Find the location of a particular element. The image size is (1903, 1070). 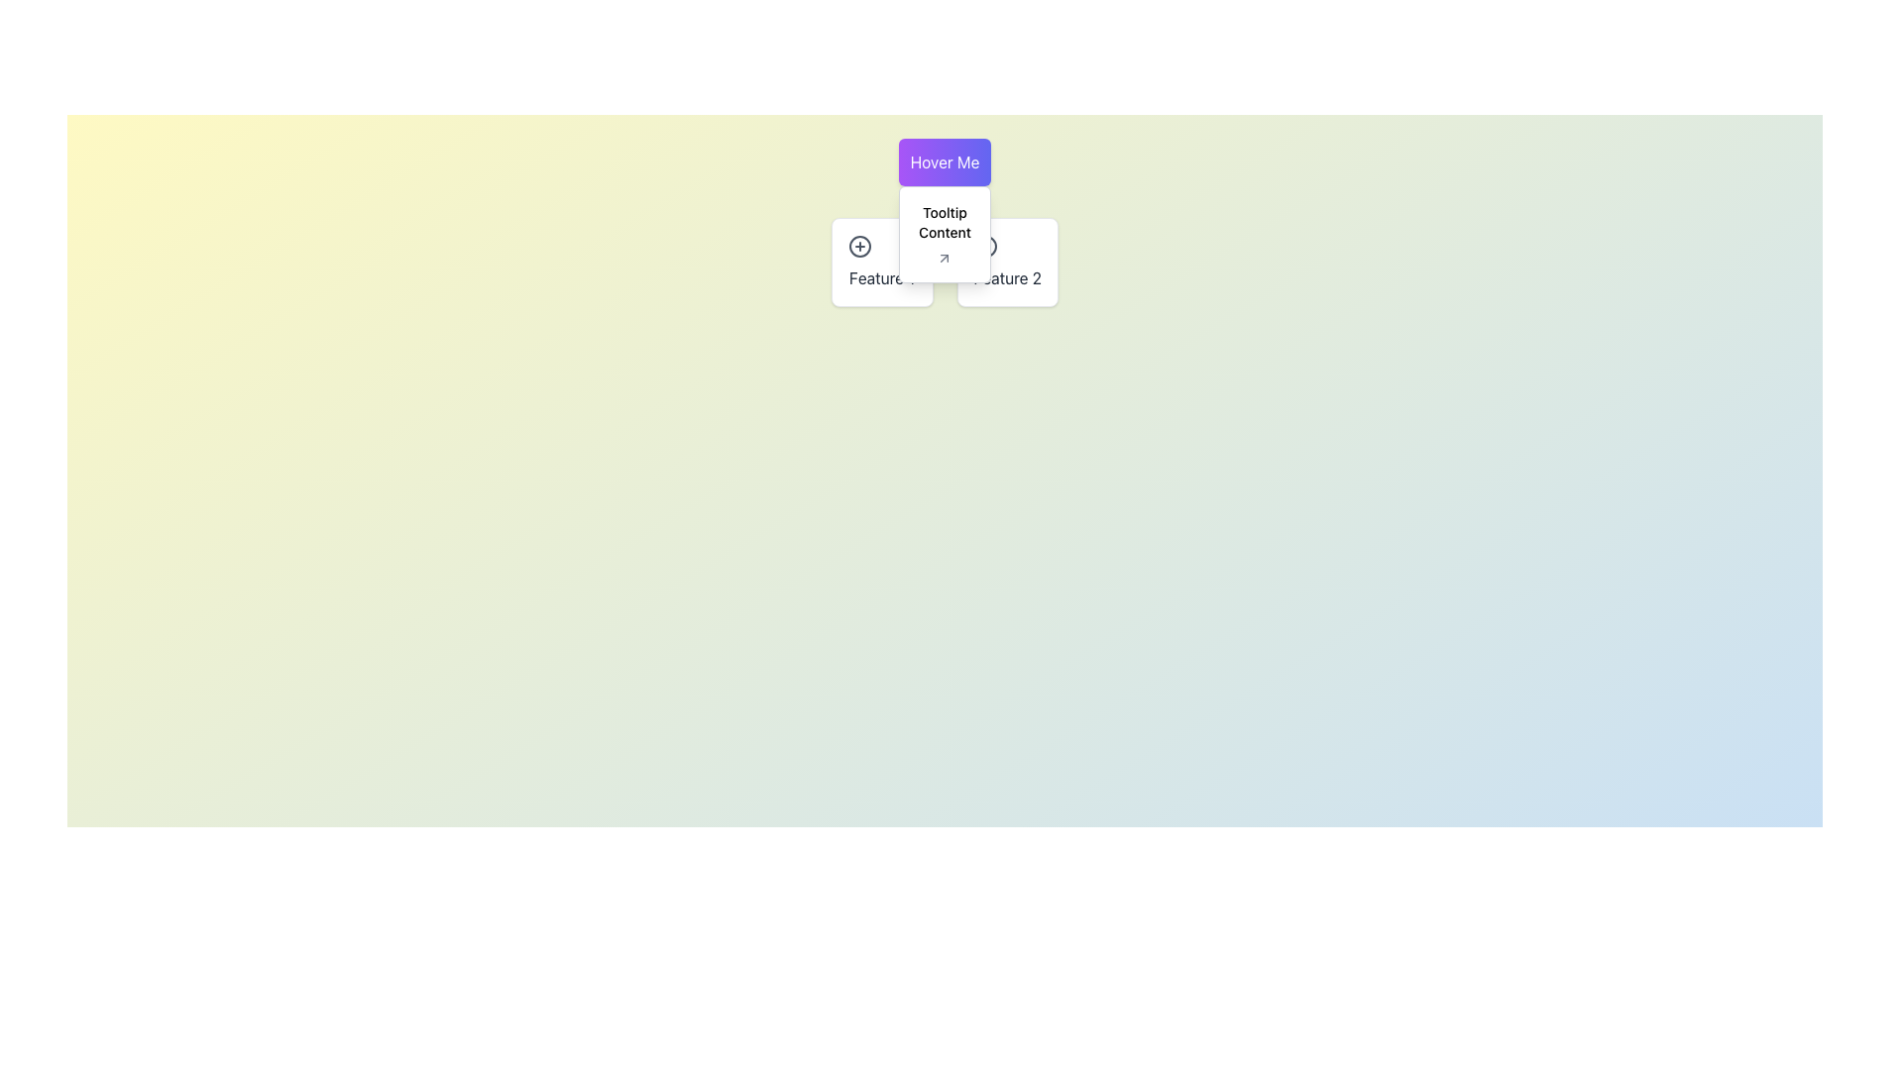

the button located within the card labeled 'Feature 1' is located at coordinates (859, 246).